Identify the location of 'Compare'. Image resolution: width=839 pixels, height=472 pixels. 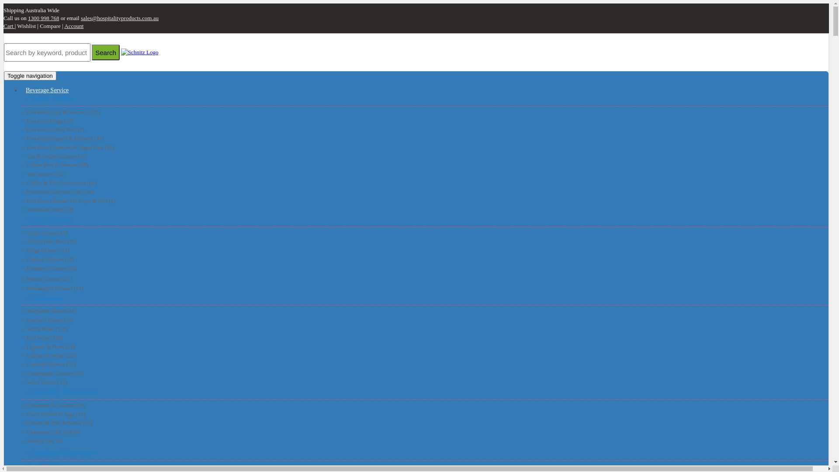
(50, 25).